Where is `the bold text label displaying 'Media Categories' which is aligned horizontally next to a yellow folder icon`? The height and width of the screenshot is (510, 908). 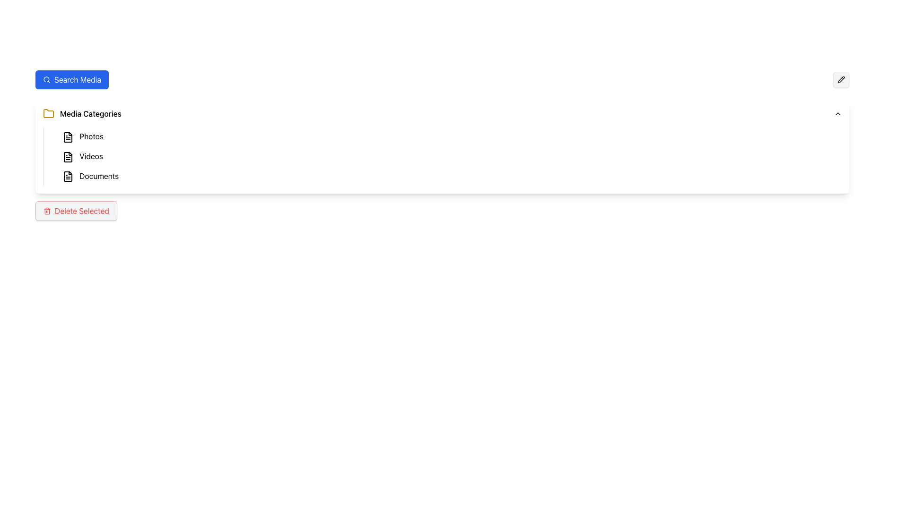
the bold text label displaying 'Media Categories' which is aligned horizontally next to a yellow folder icon is located at coordinates (91, 113).